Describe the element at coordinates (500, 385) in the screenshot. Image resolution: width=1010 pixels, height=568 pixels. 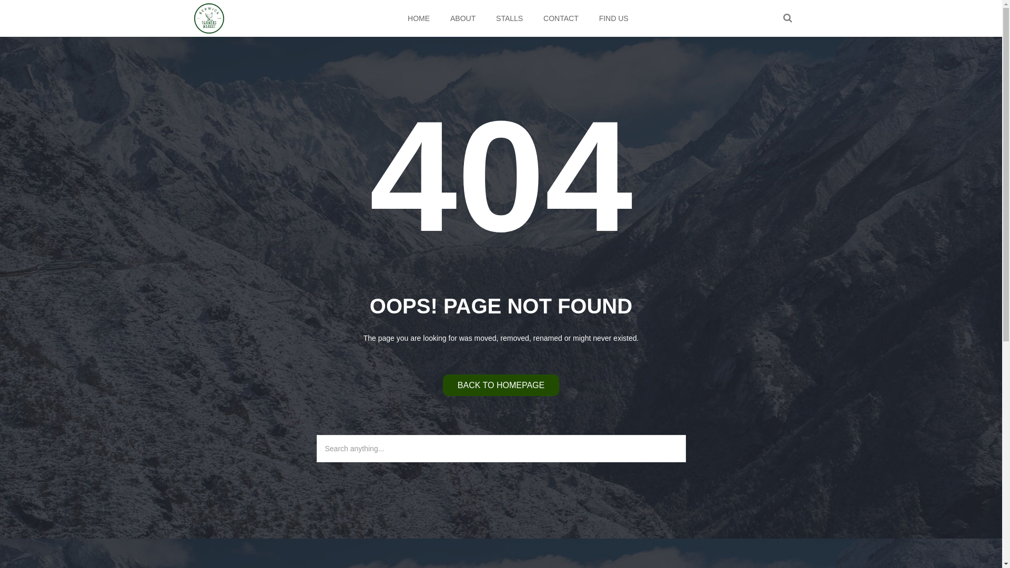
I see `'BACK TO HOMEPAGE'` at that location.